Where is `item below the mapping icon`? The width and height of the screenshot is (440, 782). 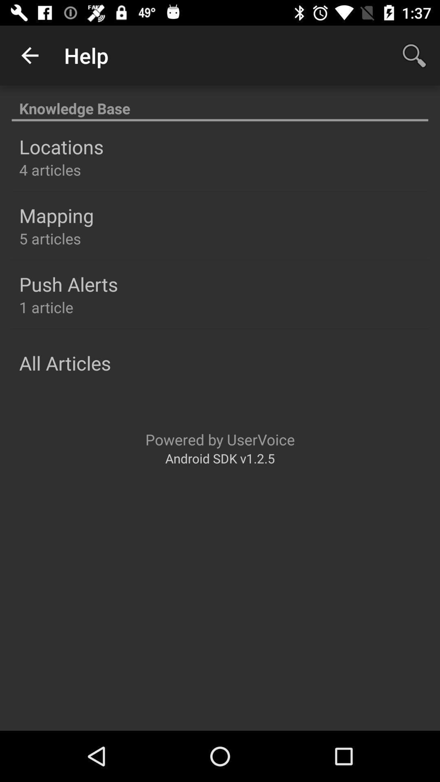
item below the mapping icon is located at coordinates (50, 238).